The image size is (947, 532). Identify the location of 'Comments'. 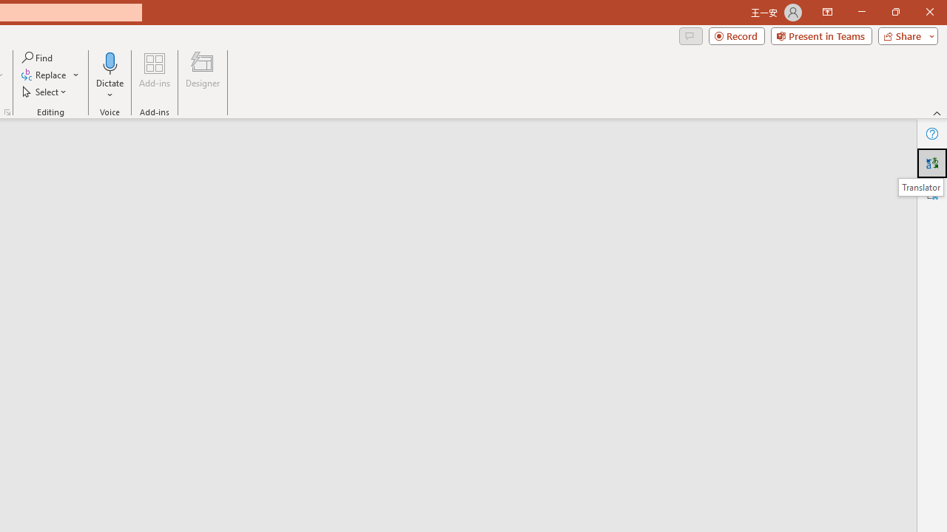
(690, 35).